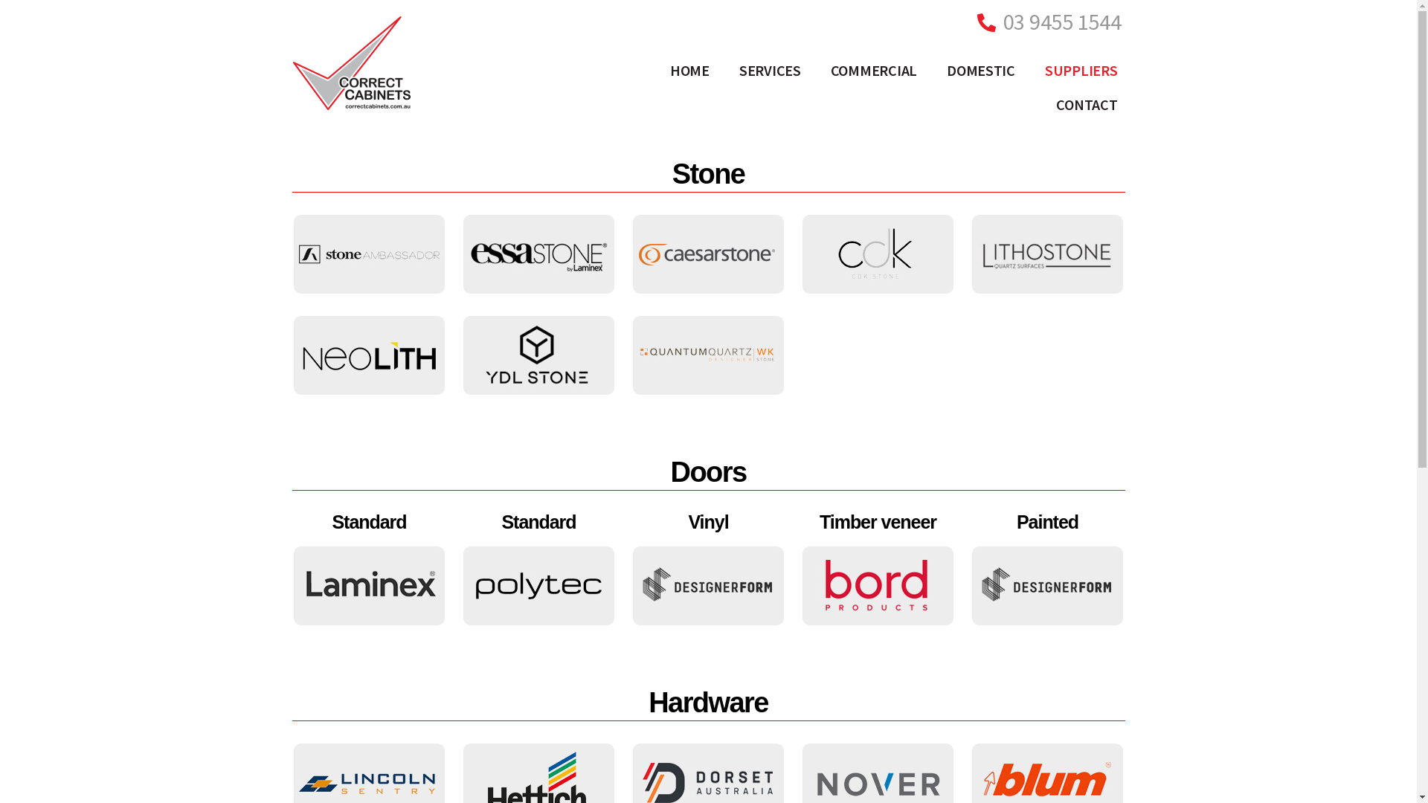 This screenshot has height=803, width=1428. What do you see at coordinates (1081, 71) in the screenshot?
I see `'SUPPLIERS'` at bounding box center [1081, 71].